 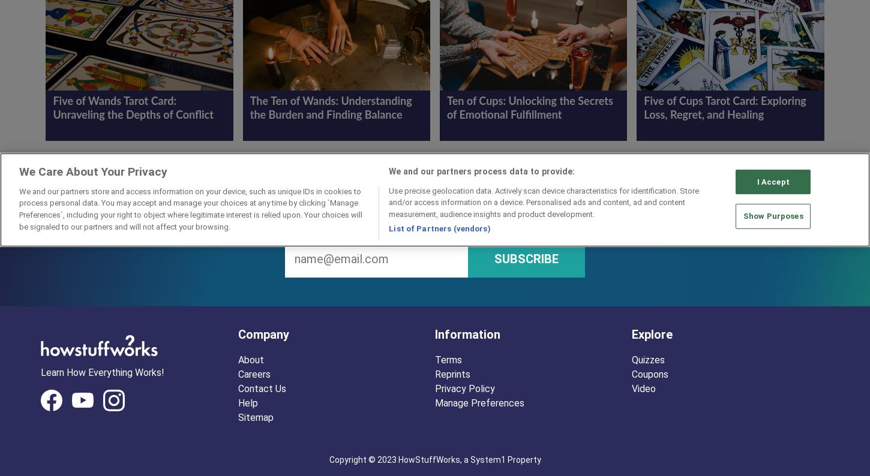 I want to click on 'The Ten of Wands: Understanding the Burden and Finding Balance', so click(x=331, y=108).